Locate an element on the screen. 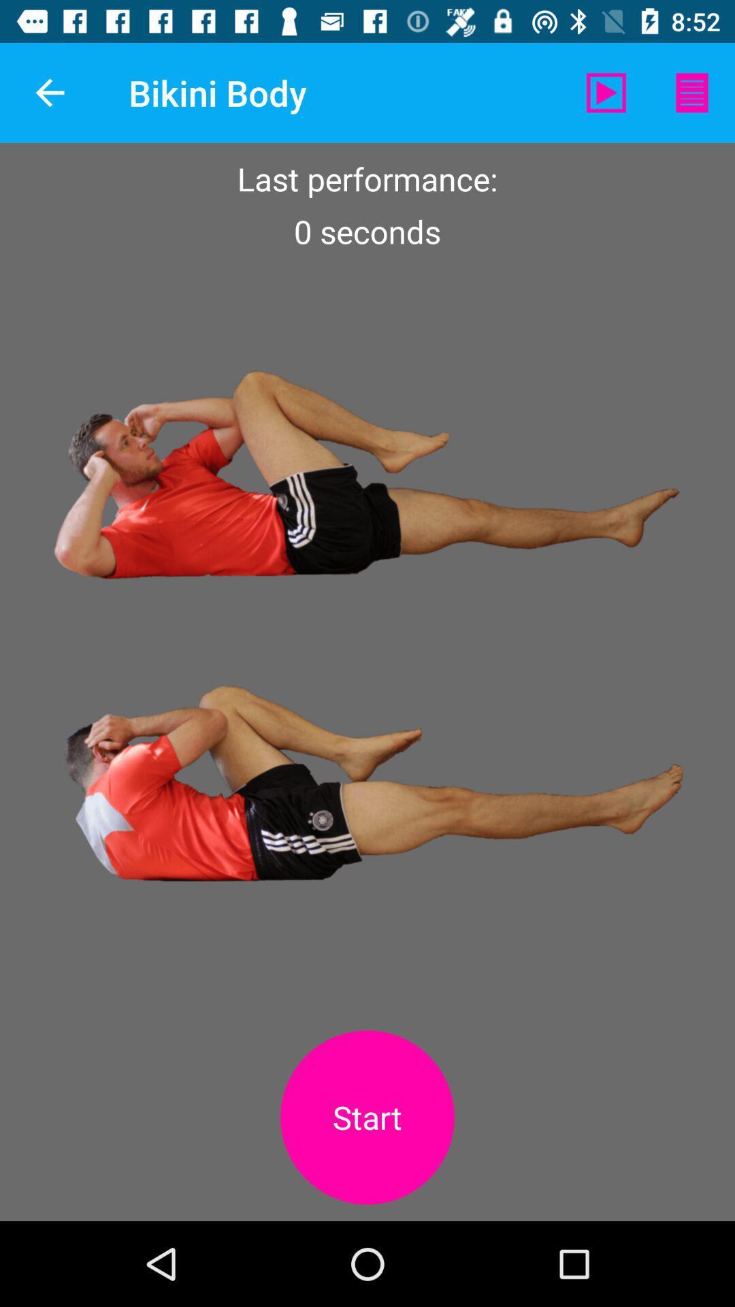  the item to the right of the bikini body is located at coordinates (606, 92).